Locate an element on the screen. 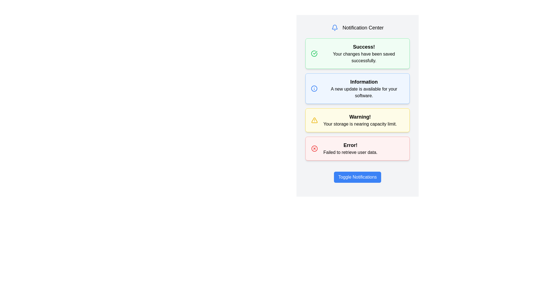  the triangular warning icon with a yellow border and an exclamation mark in its center, located within the third notification card labeled 'Warning! Your storage is nearing capacity limit.' is located at coordinates (314, 120).